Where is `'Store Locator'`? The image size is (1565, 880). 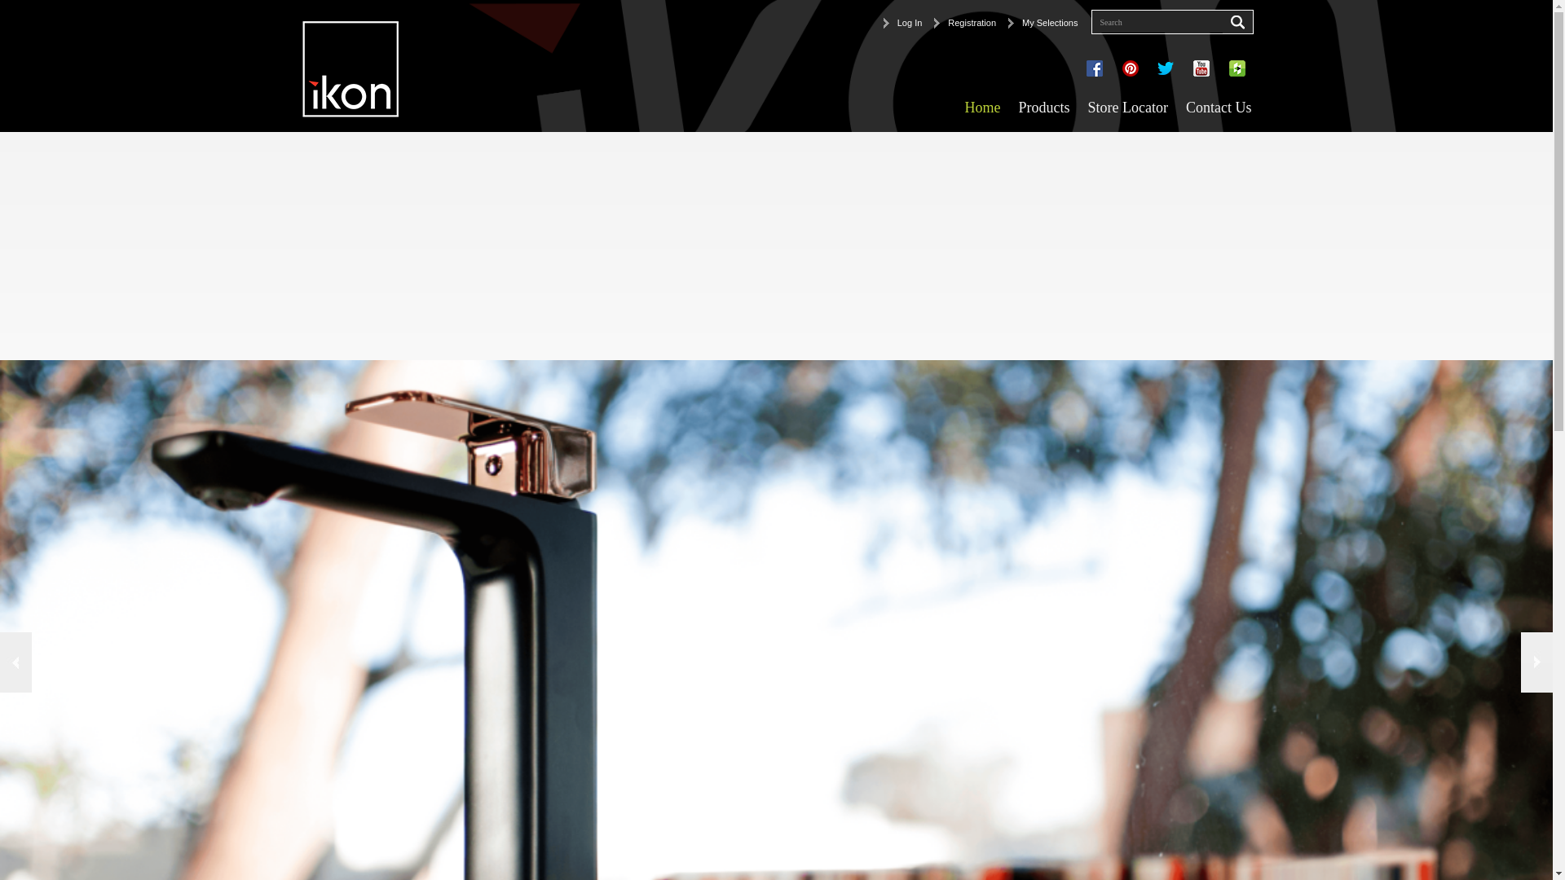
'Store Locator' is located at coordinates (1126, 108).